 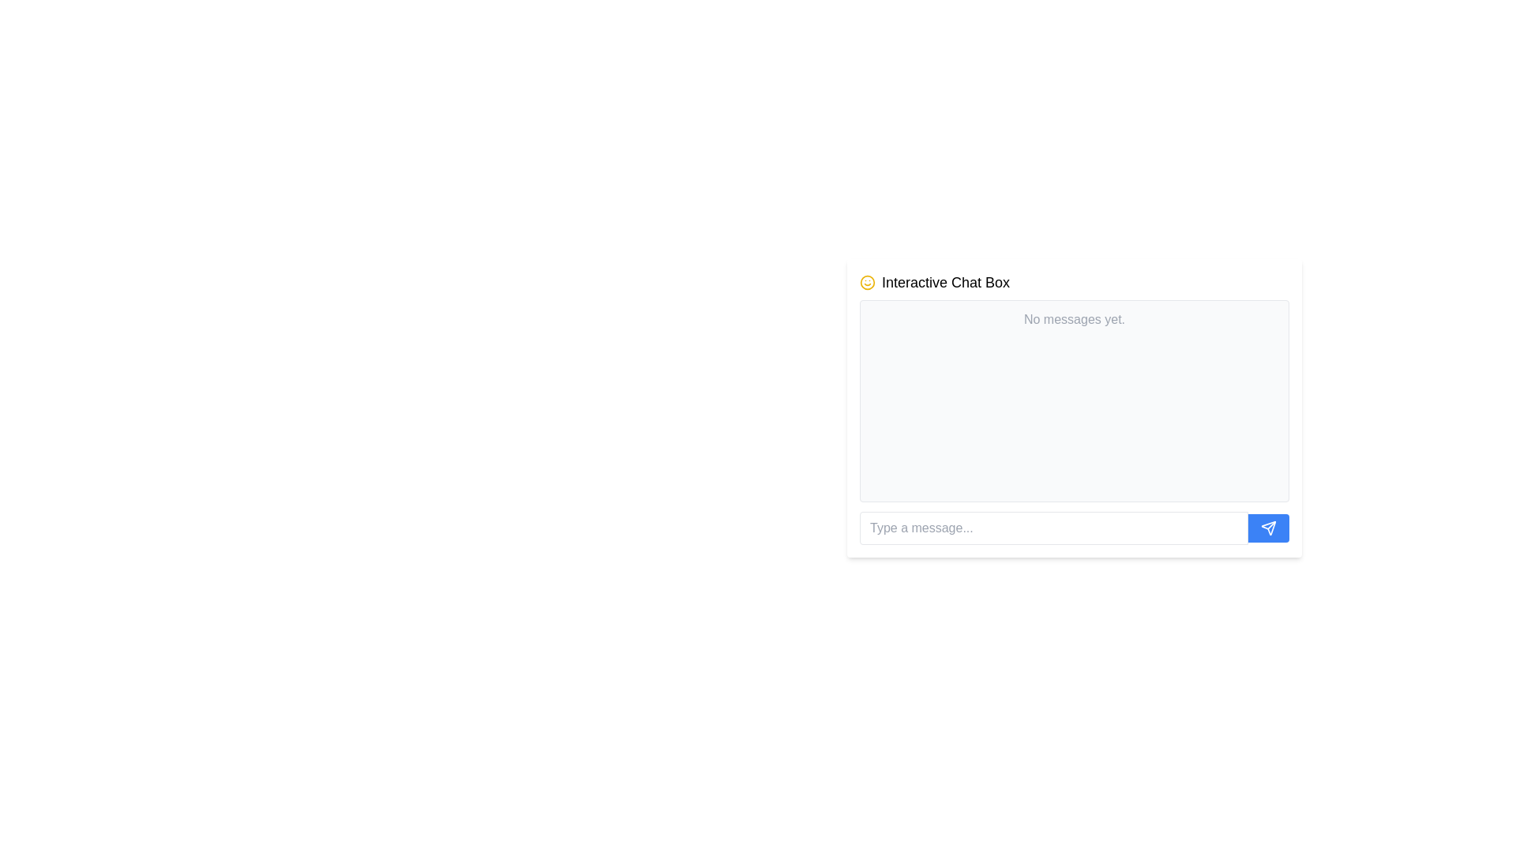 What do you see at coordinates (1269, 528) in the screenshot?
I see `the 'send' button icon located at the bottom-right corner of the chat interface` at bounding box center [1269, 528].